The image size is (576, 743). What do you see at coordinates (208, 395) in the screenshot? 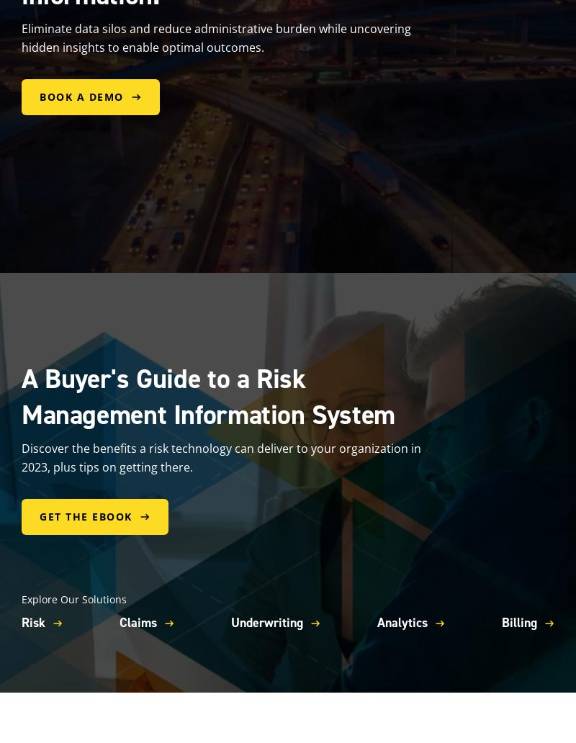
I see `'A Buyer's Guide to a Risk Management Information System'` at bounding box center [208, 395].